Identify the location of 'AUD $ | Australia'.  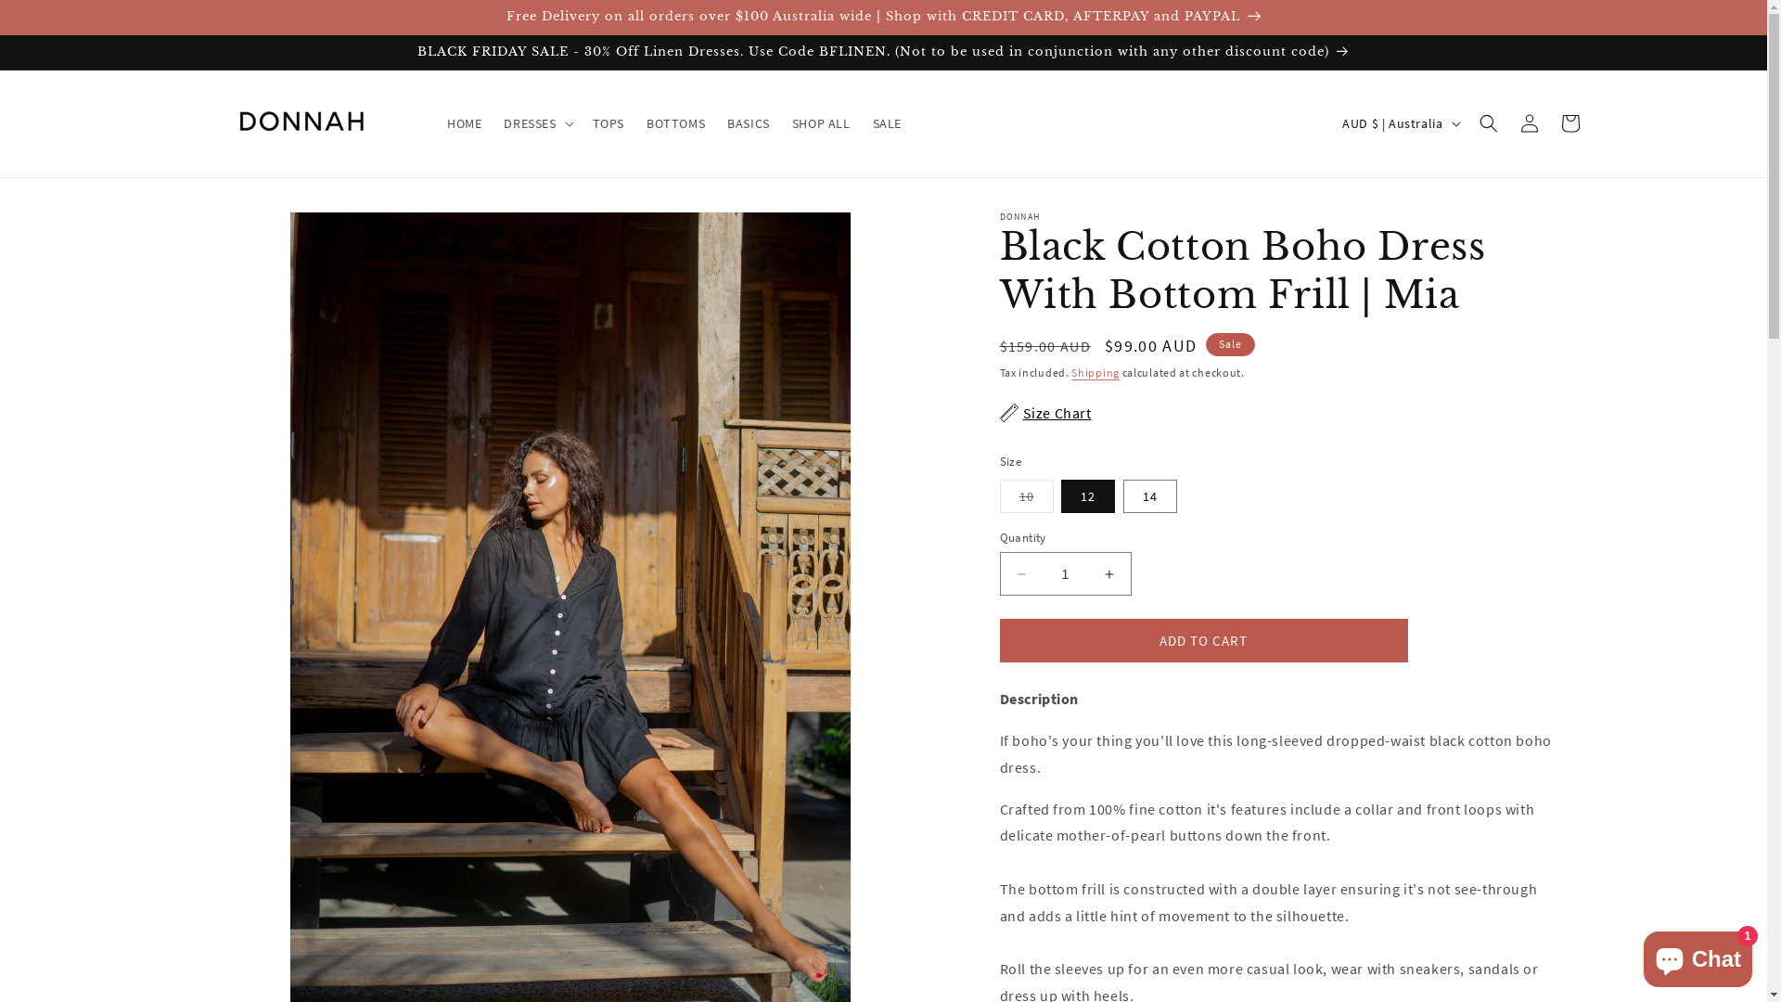
(1399, 122).